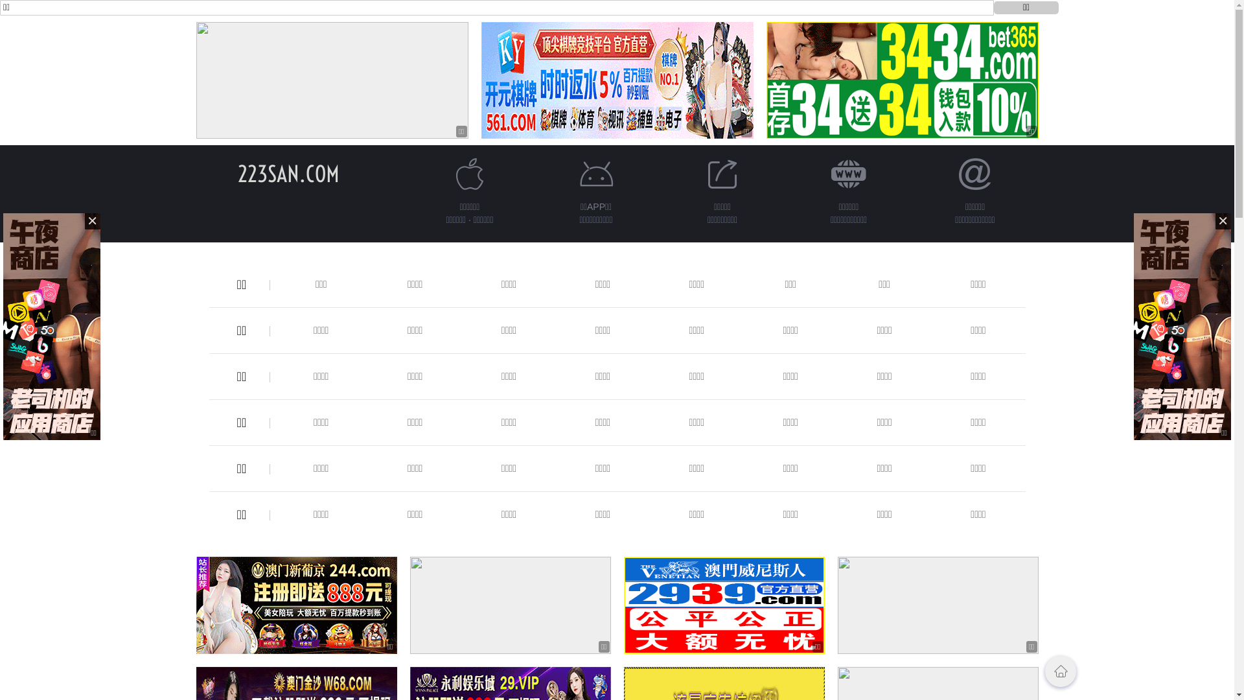 Image resolution: width=1244 pixels, height=700 pixels. Describe the element at coordinates (288, 173) in the screenshot. I see `'223SAN.COM'` at that location.